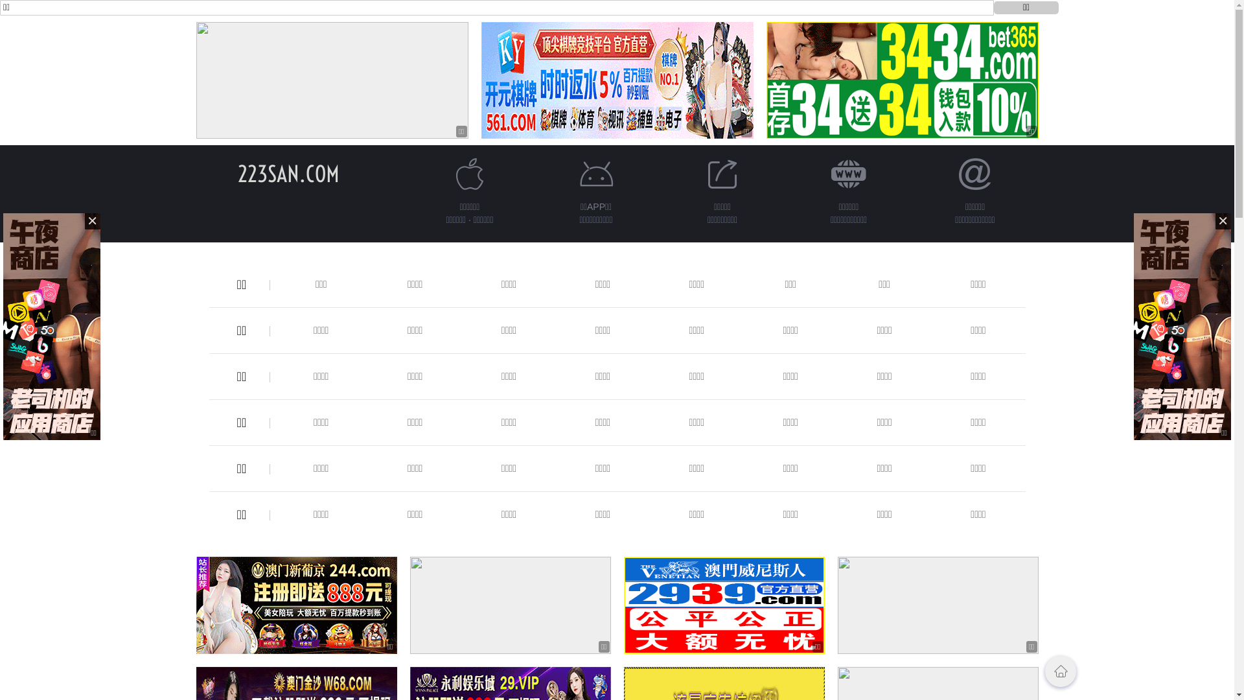 Image resolution: width=1244 pixels, height=700 pixels. Describe the element at coordinates (288, 173) in the screenshot. I see `'223SAN.COM'` at that location.